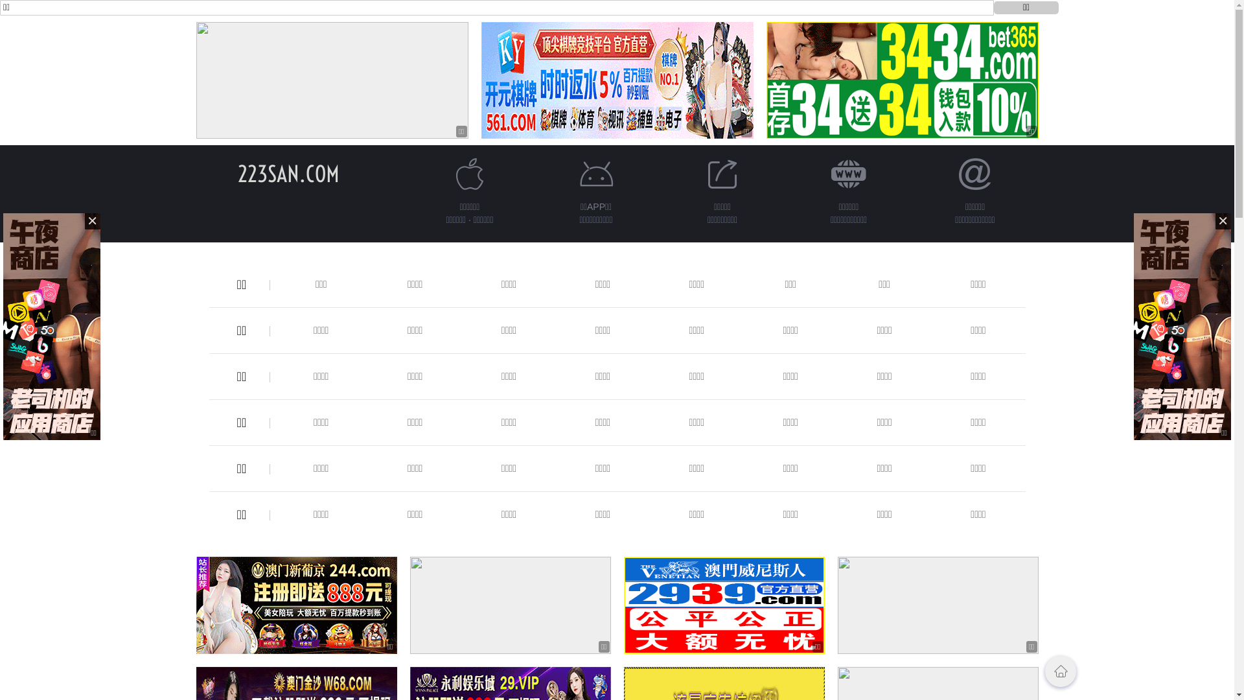 Image resolution: width=1244 pixels, height=700 pixels. Describe the element at coordinates (288, 173) in the screenshot. I see `'223SAN.COM'` at that location.